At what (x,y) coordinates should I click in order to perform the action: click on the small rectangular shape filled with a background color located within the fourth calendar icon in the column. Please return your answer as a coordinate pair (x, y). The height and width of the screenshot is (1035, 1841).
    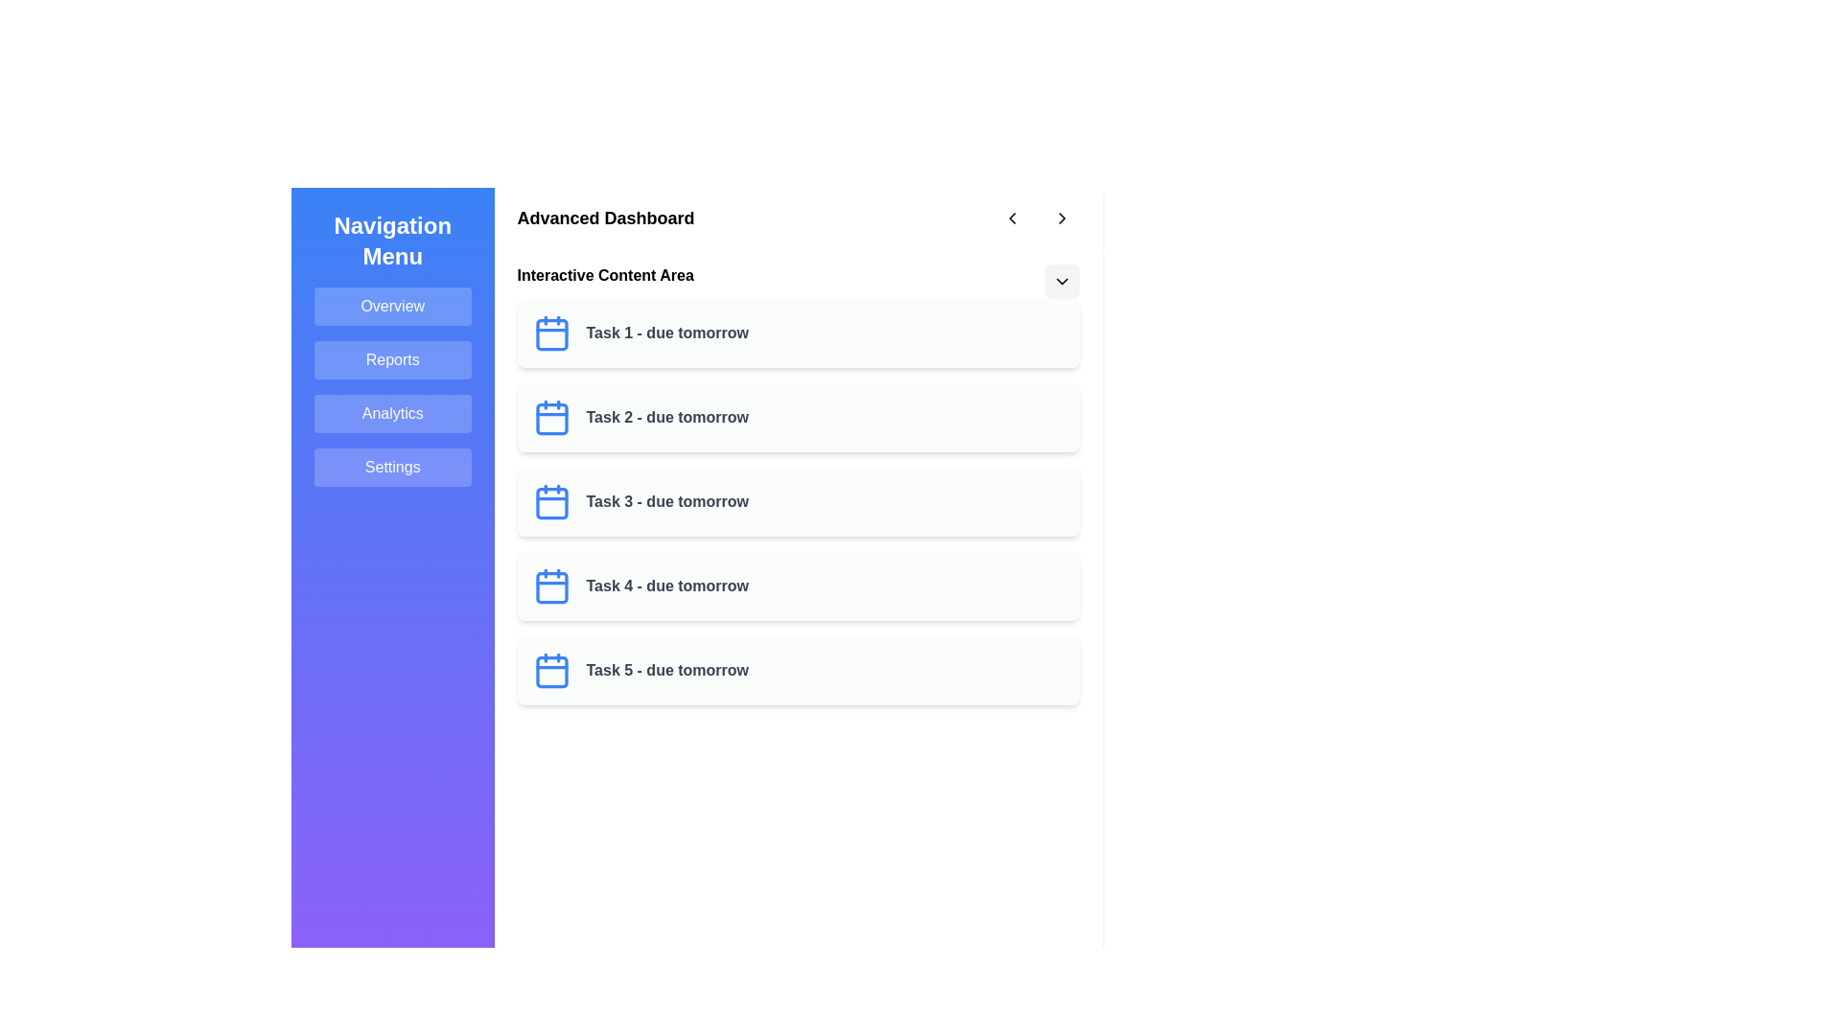
    Looking at the image, I should click on (550, 586).